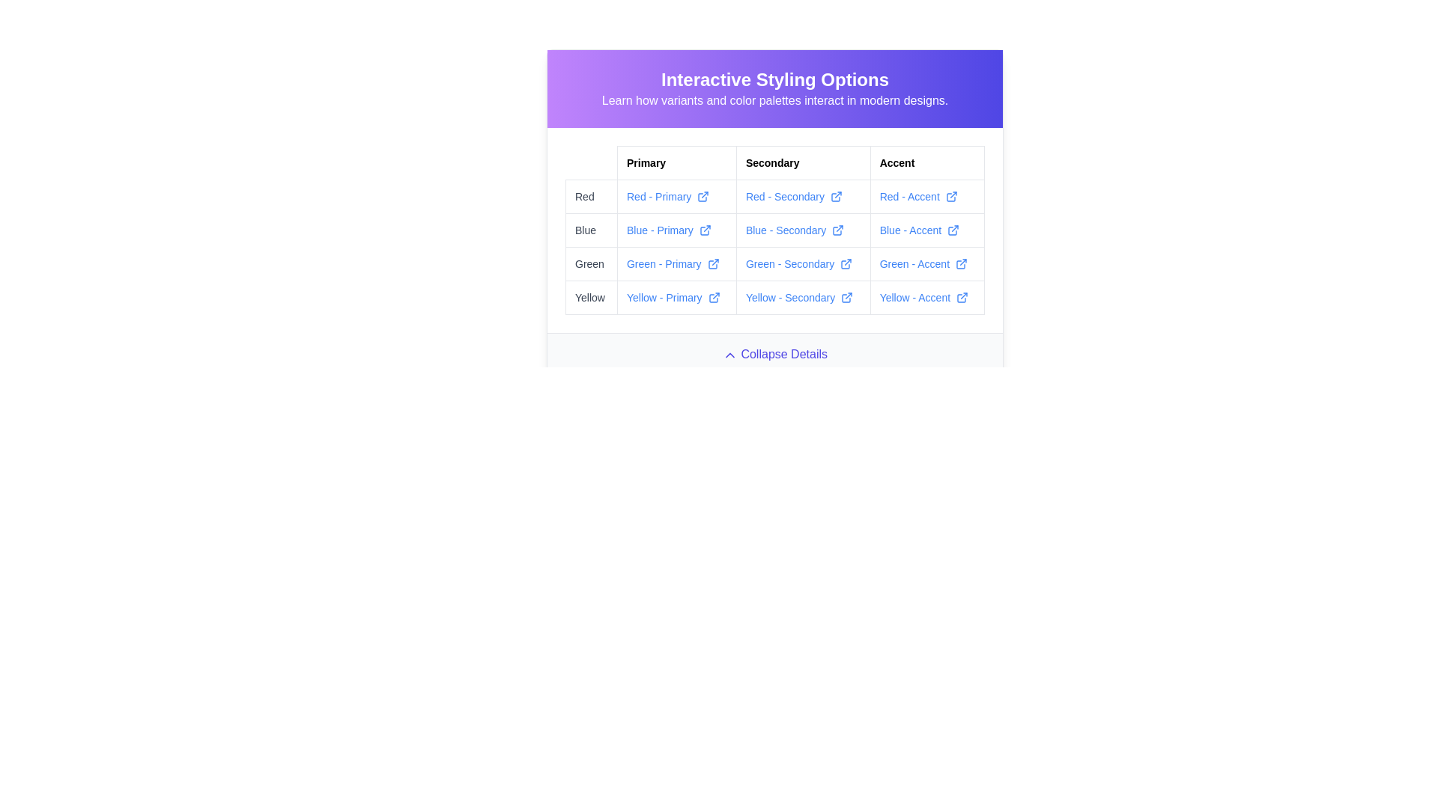  Describe the element at coordinates (591, 297) in the screenshot. I see `the static, non-interactive text label in the first column of the last row of the table that categorizes the color 'Yellow'` at that location.